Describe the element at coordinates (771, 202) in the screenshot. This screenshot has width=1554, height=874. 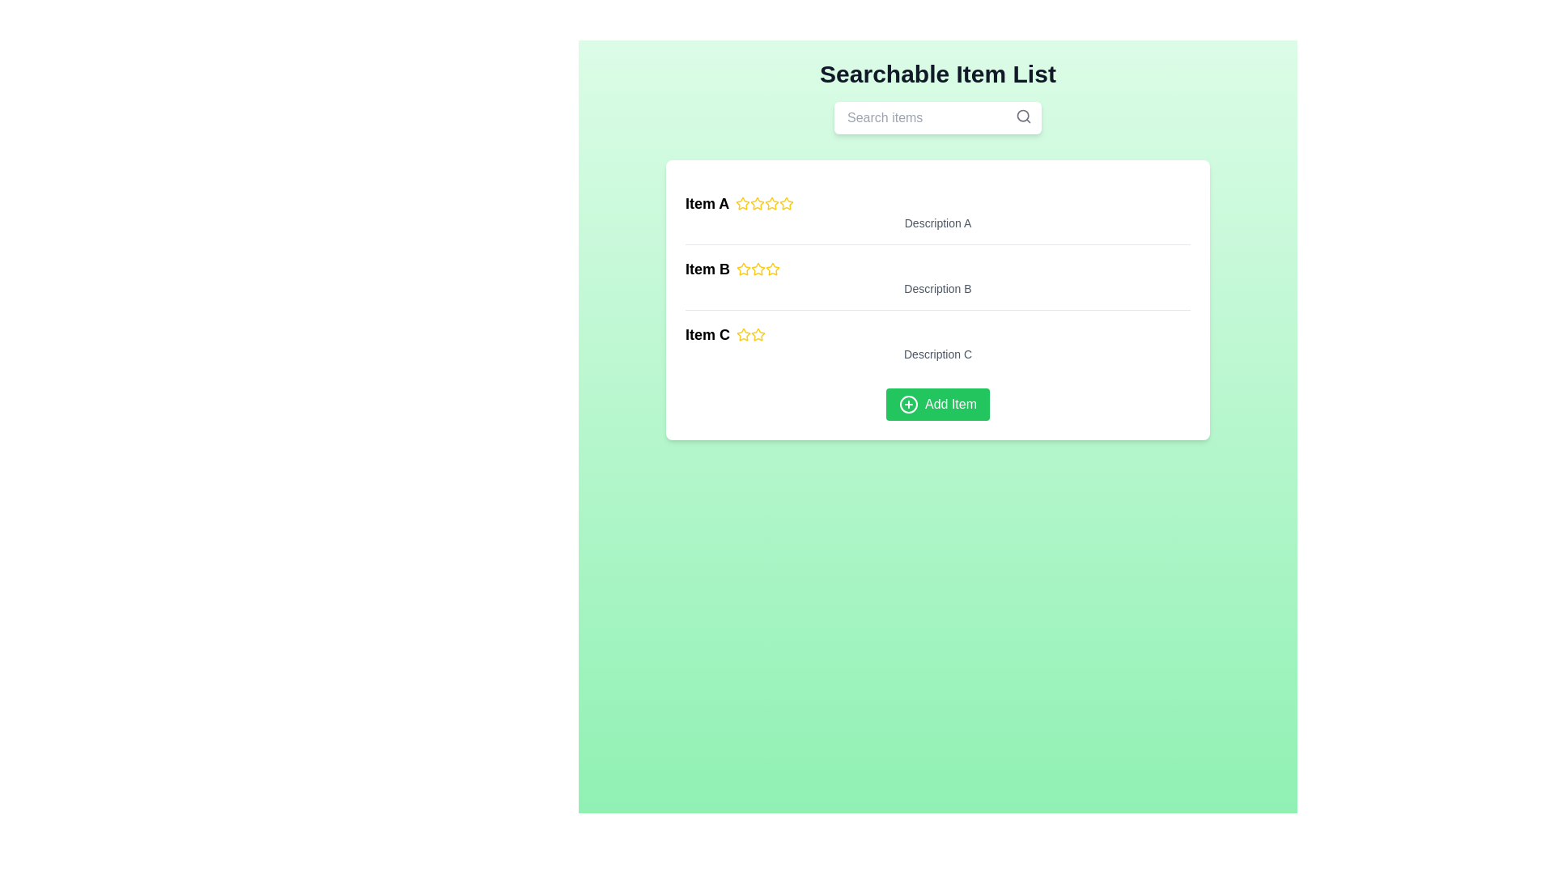
I see `the second star-shaped visual rating indicator for 'Item A'` at that location.